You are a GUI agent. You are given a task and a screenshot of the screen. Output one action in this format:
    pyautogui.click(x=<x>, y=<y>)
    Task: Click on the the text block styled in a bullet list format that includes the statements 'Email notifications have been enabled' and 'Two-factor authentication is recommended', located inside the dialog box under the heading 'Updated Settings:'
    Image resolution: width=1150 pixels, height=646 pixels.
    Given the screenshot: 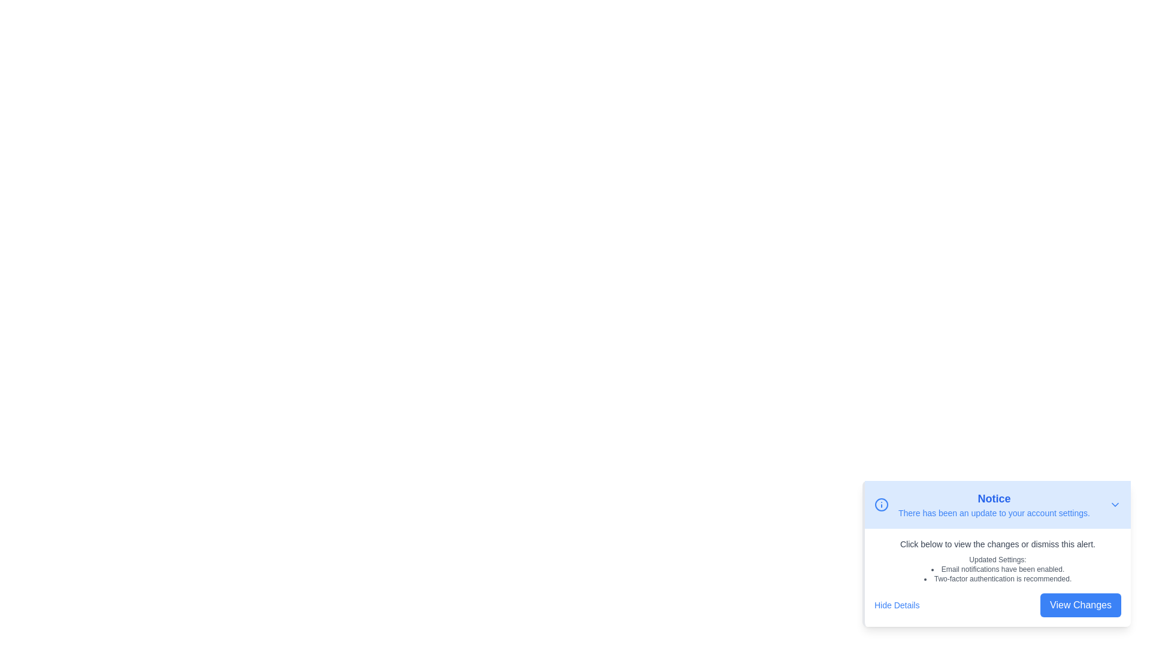 What is the action you would take?
    pyautogui.click(x=997, y=574)
    